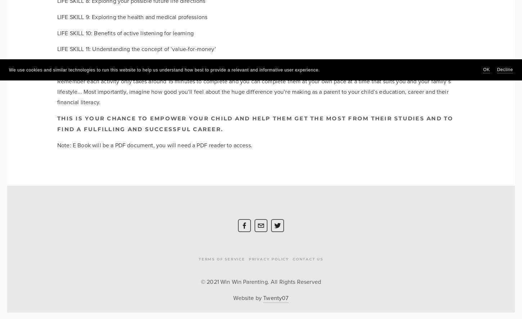 Image resolution: width=522 pixels, height=319 pixels. What do you see at coordinates (255, 124) in the screenshot?
I see `'This is your chance to empower your child and help them get the most from their studies and to find a fulfilling and successful career.'` at bounding box center [255, 124].